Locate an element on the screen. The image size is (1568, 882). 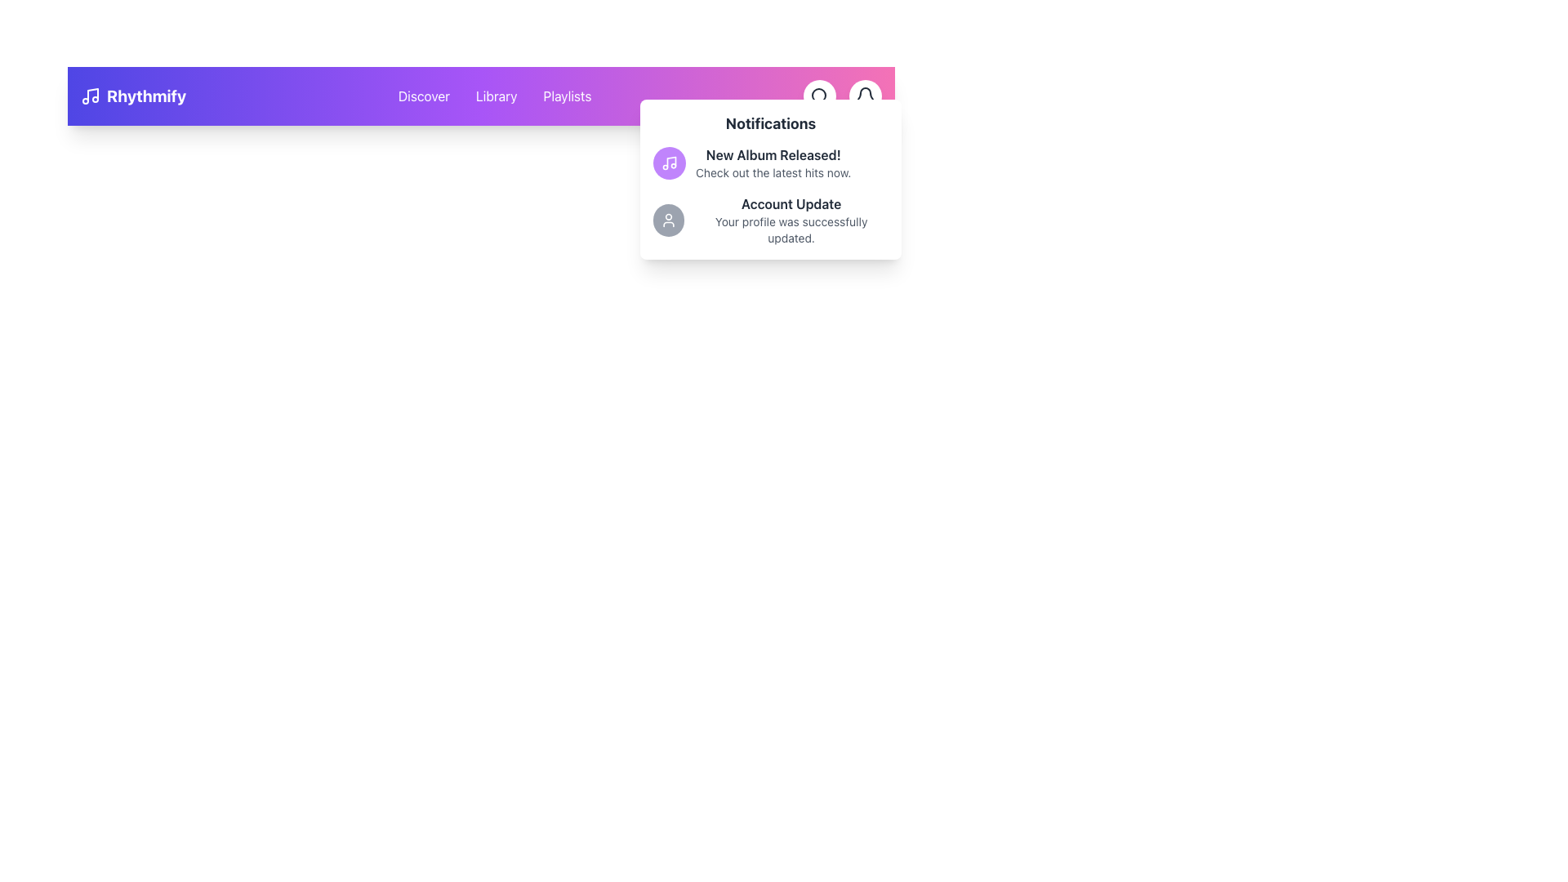
the vertical line segment of the music note icon located in the upper-left corner adjacent to the 'Rhythmify' text is located at coordinates (92, 95).